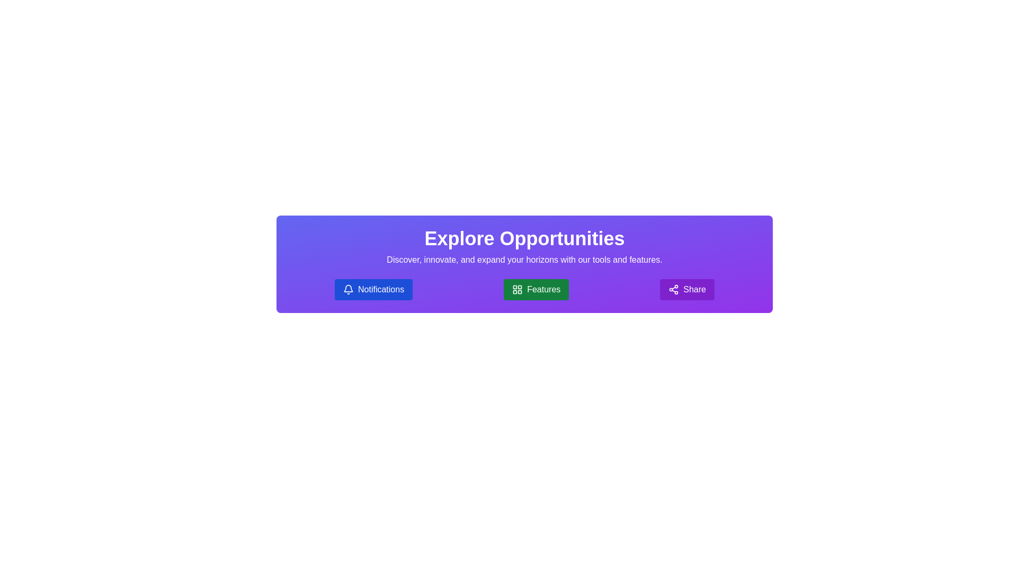  Describe the element at coordinates (524, 260) in the screenshot. I see `the text display element that contains the message 'Discover, innovate, and expand your horizons with our tools and features,' which is positioned below the heading 'Explore Opportunities.'` at that location.